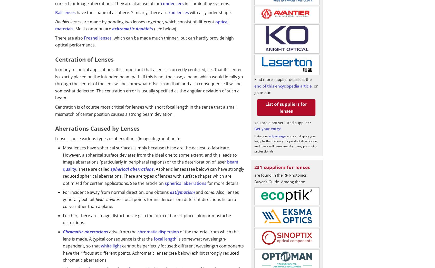  I want to click on 'white light', so click(111, 245).